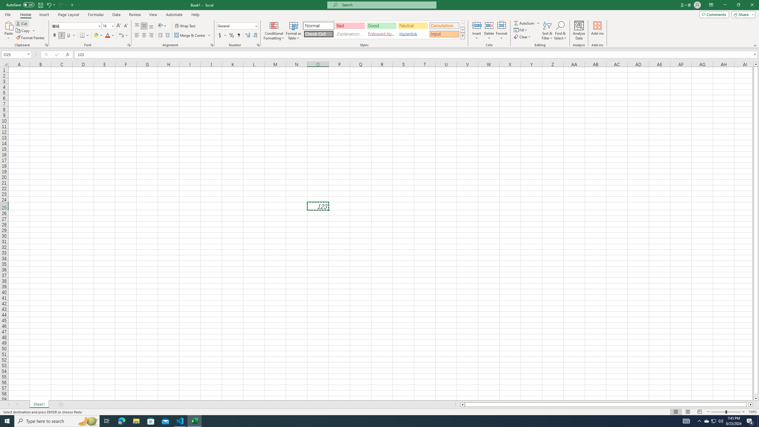  I want to click on 'Middle Align', so click(144, 26).